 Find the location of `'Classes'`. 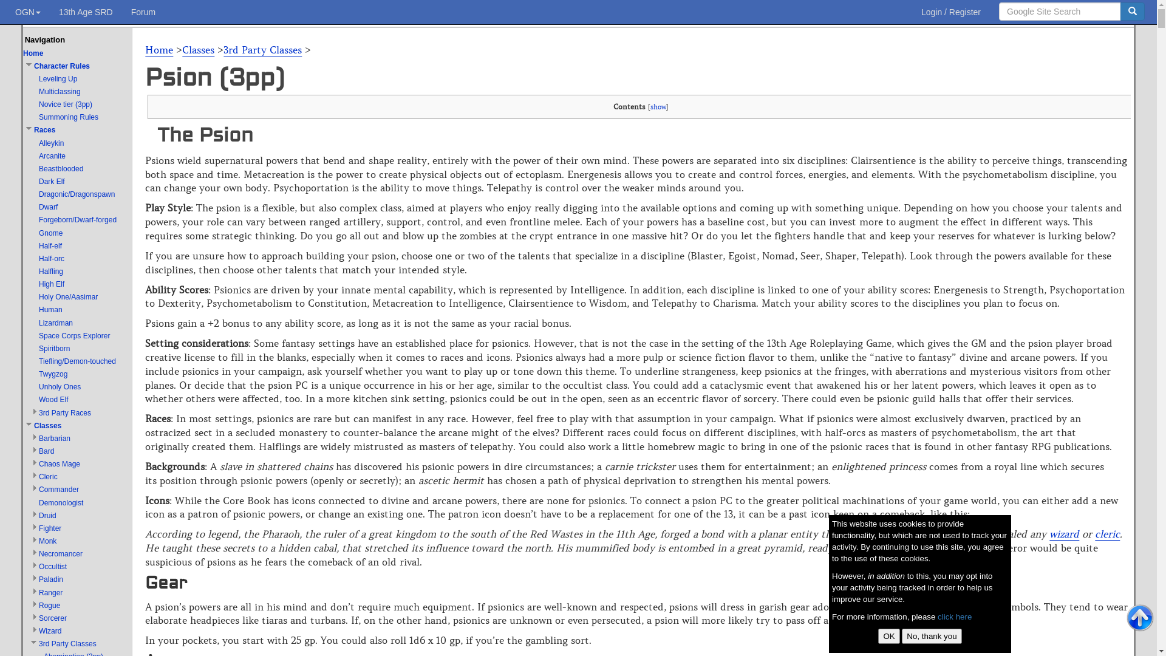

'Classes' is located at coordinates (34, 425).